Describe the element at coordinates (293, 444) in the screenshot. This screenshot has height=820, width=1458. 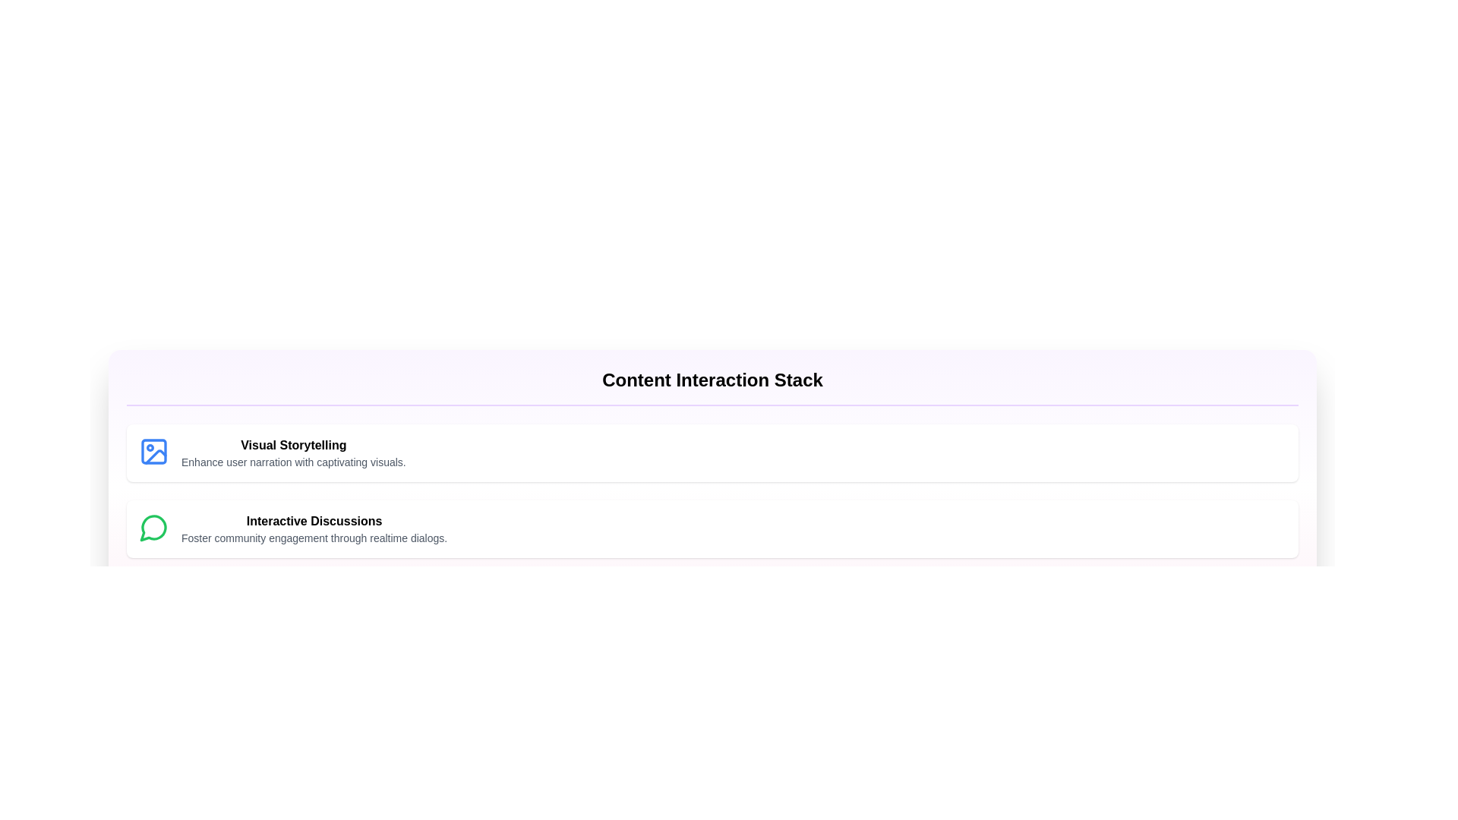
I see `the Text Label displaying 'Visual Storytelling', which is styled in bold and positioned above a descriptive sentence in a features section` at that location.